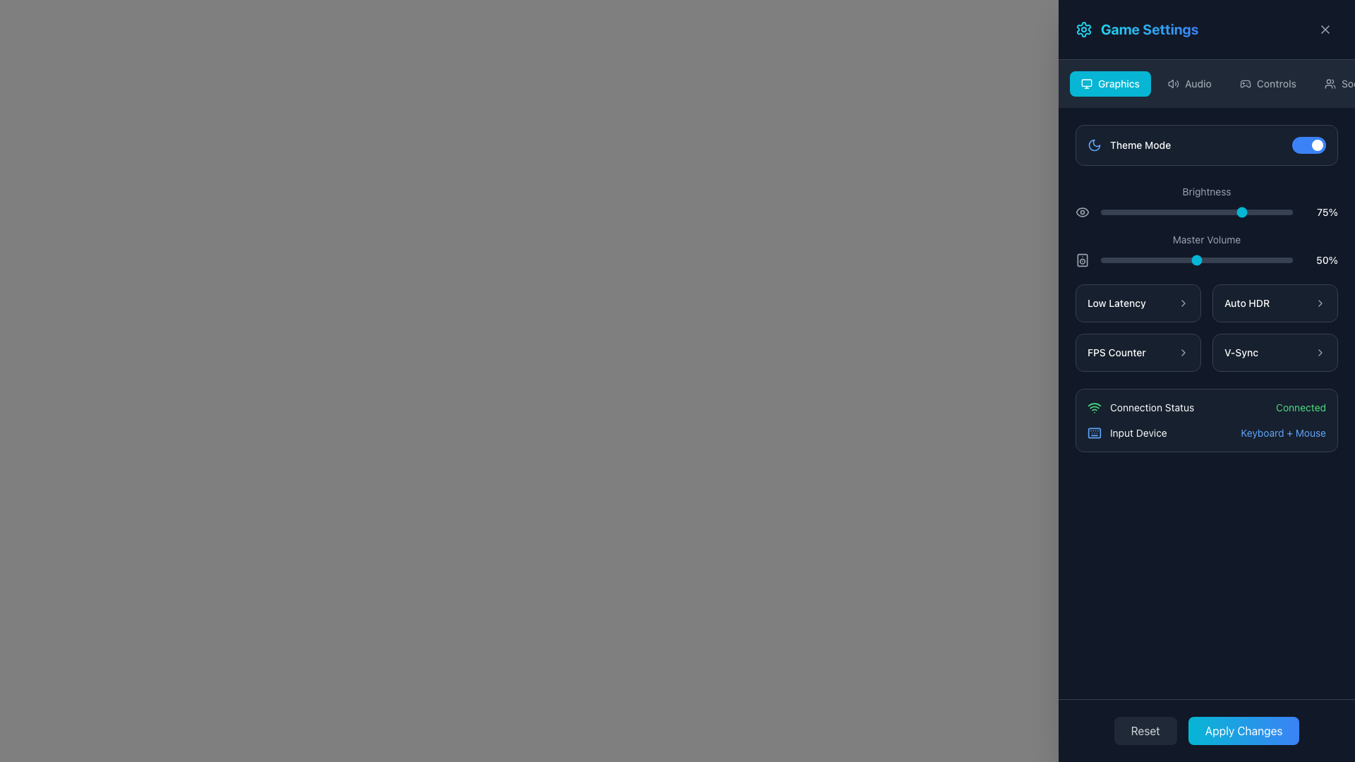 Image resolution: width=1355 pixels, height=762 pixels. Describe the element at coordinates (1230, 260) in the screenshot. I see `the Master Volume` at that location.